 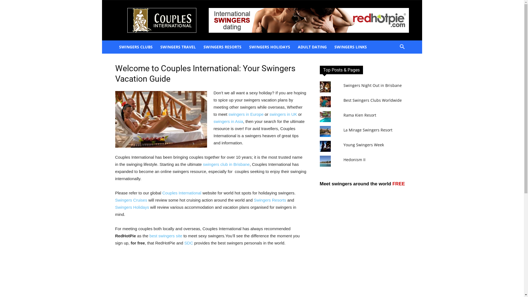 I want to click on 'SWINGERS LINKS', so click(x=350, y=46).